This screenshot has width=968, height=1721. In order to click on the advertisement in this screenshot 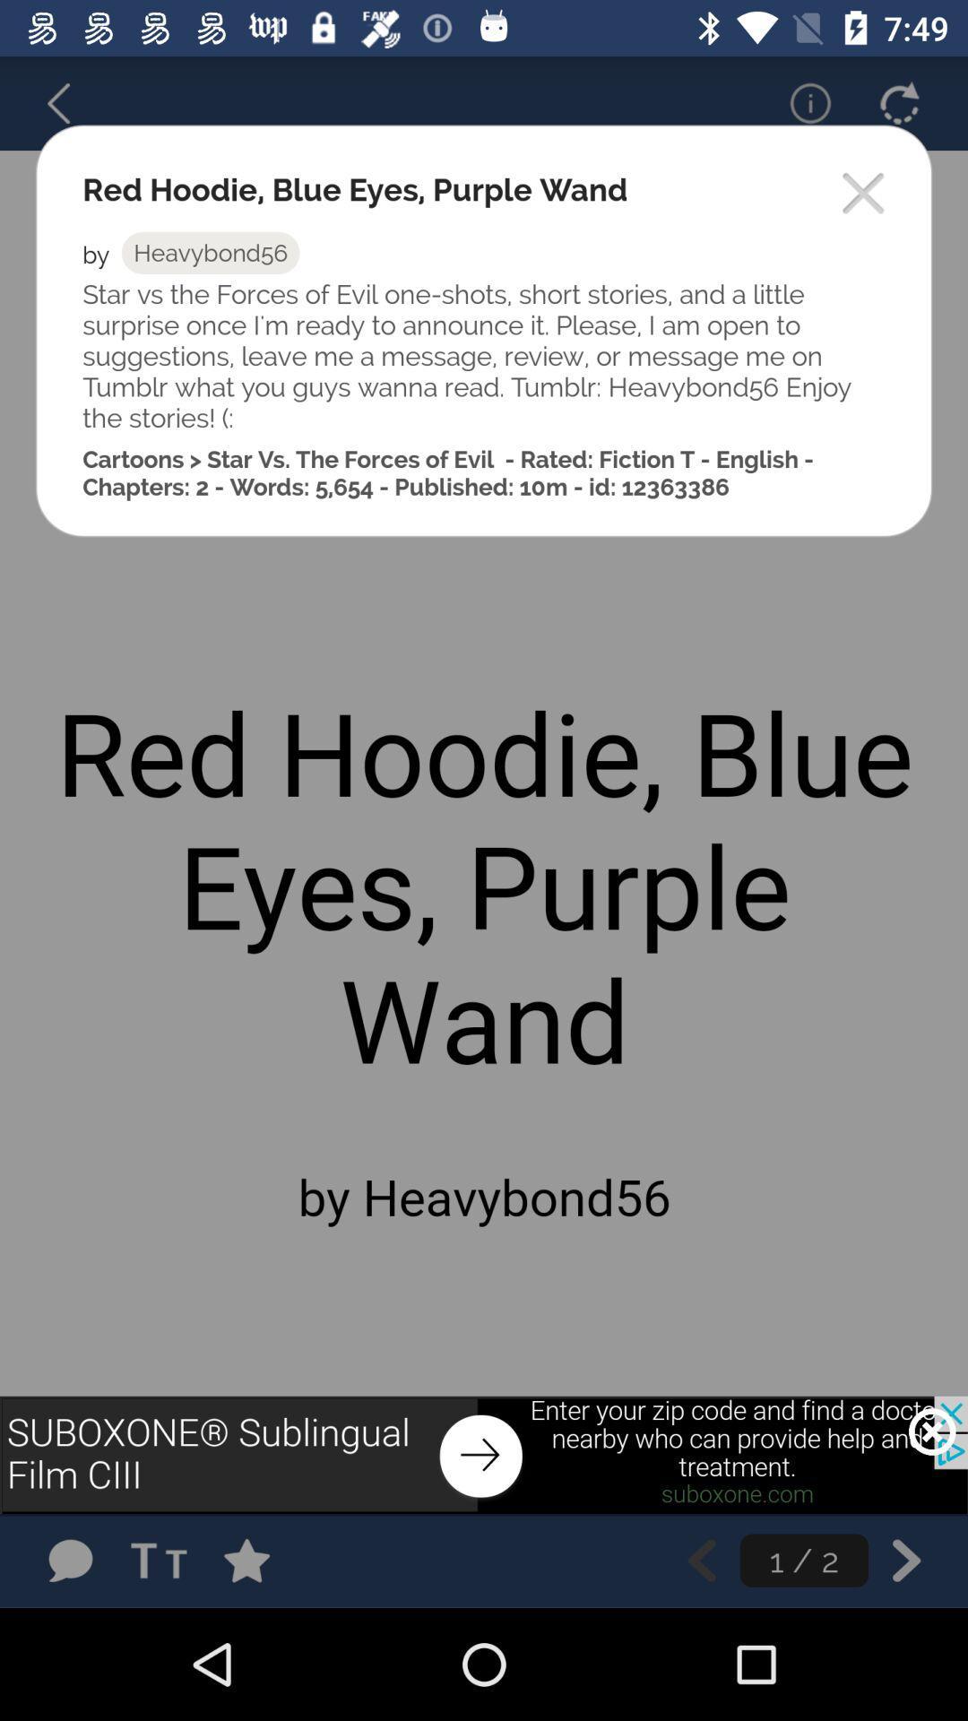, I will do `click(931, 1431)`.